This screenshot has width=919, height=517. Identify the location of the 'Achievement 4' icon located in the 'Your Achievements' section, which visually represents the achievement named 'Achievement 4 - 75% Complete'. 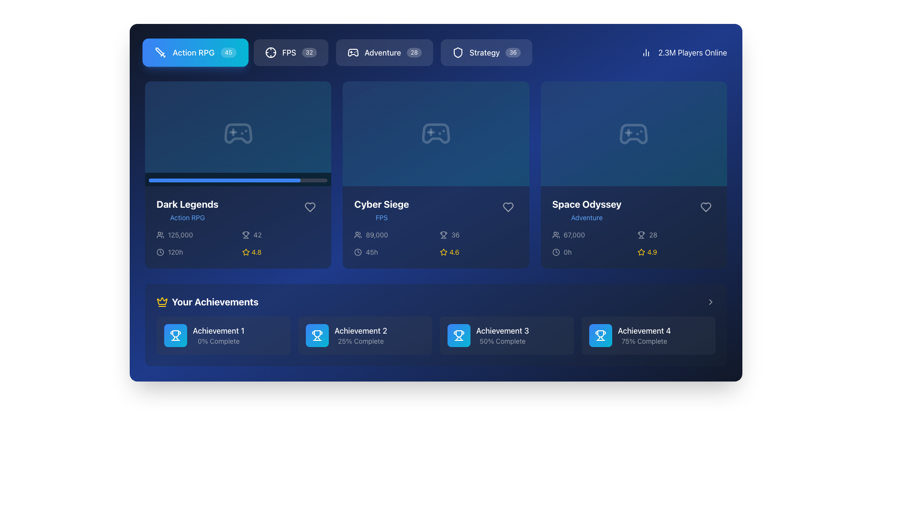
(600, 335).